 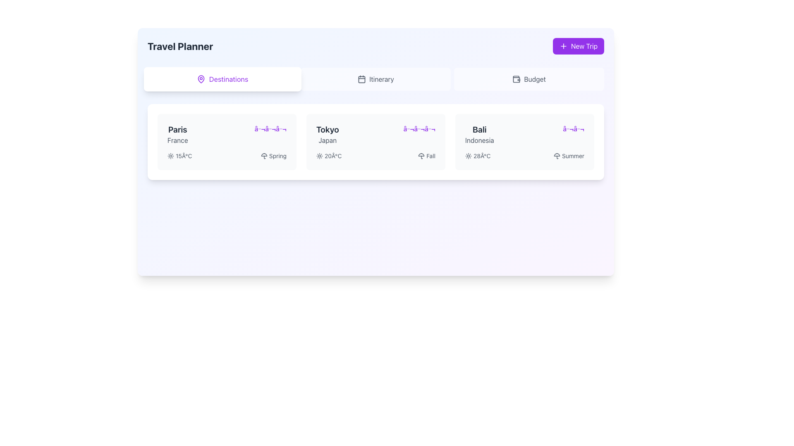 What do you see at coordinates (535, 79) in the screenshot?
I see `the 'Budget' text label located within the button on the upper-right section of the interface for additional visual feedback` at bounding box center [535, 79].